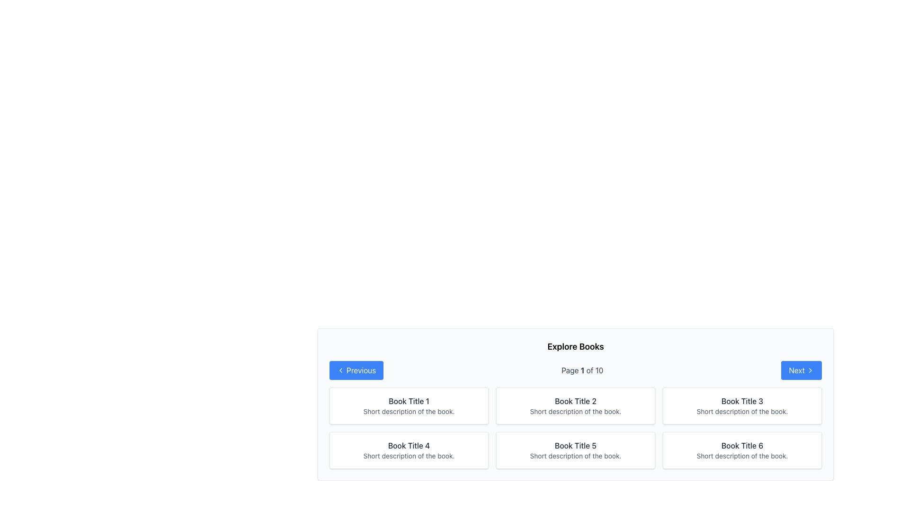 The height and width of the screenshot is (511, 909). I want to click on the informational text label providing a description for 'Book Title 4', which is located below the title within its card in the grid layout, so click(409, 456).